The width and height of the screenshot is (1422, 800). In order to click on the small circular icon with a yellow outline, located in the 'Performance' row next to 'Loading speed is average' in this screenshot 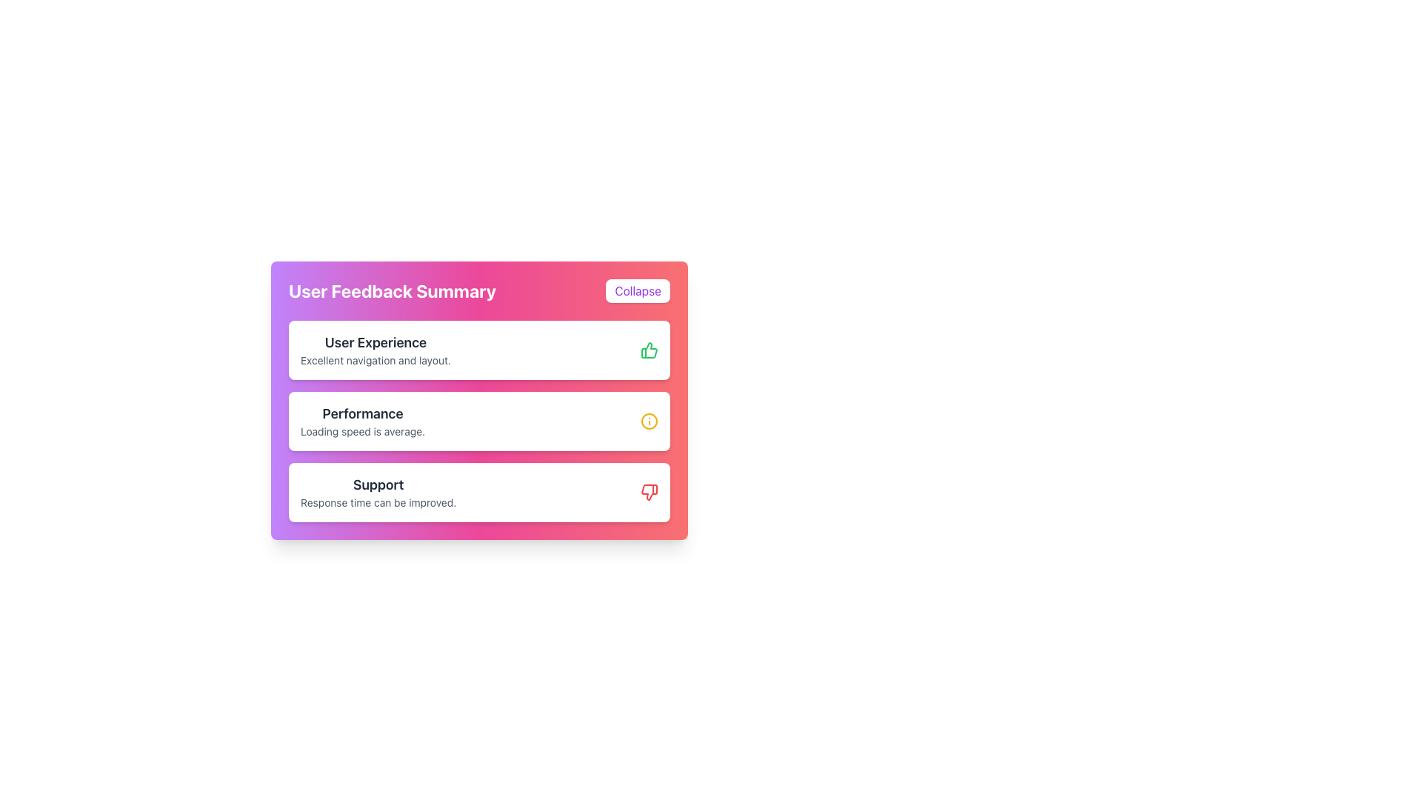, I will do `click(650, 421)`.